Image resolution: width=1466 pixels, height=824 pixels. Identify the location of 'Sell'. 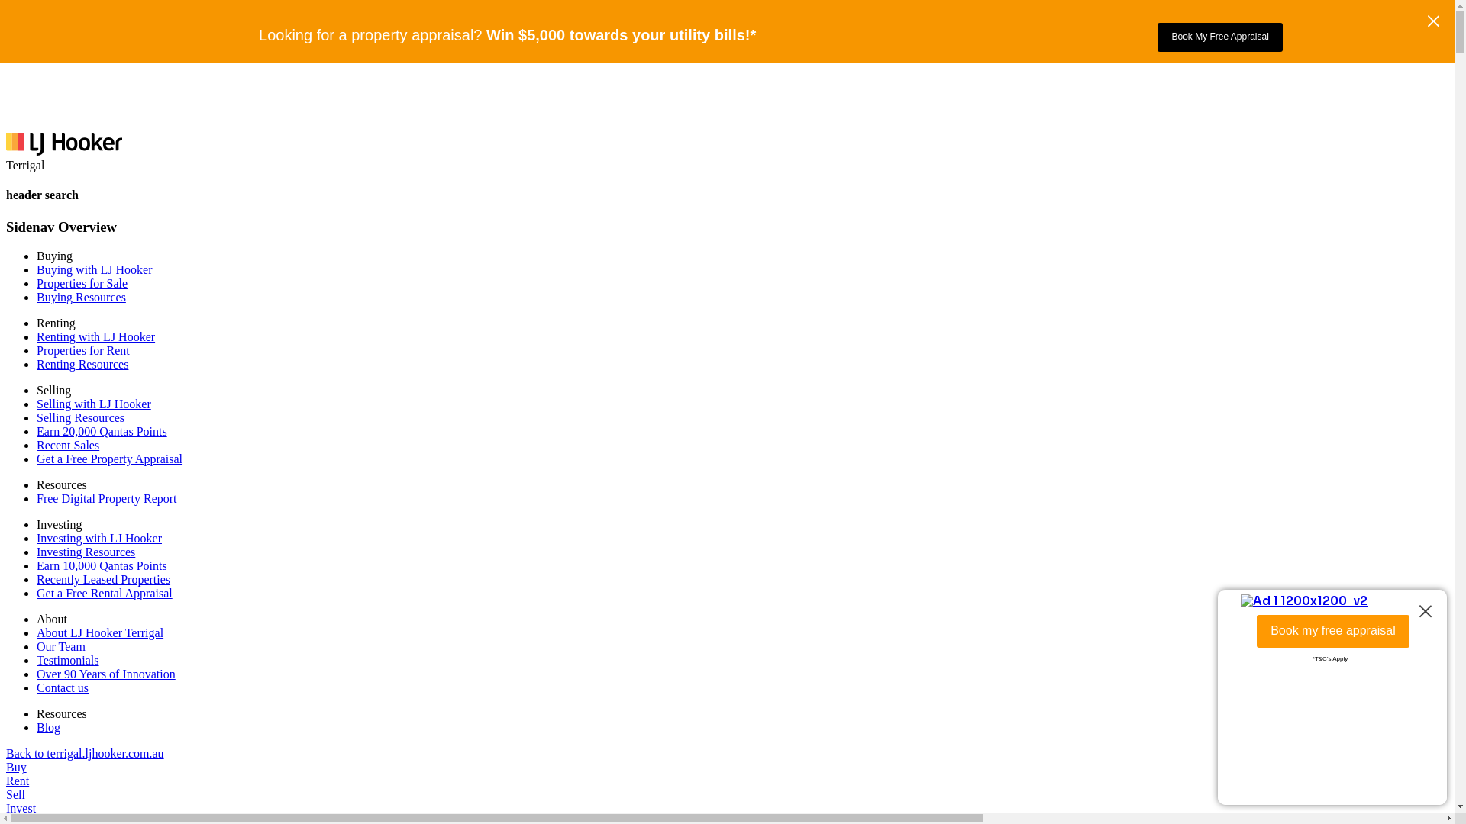
(6, 793).